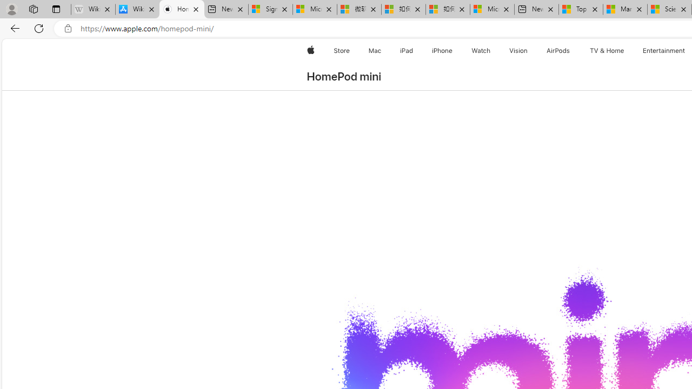 This screenshot has height=389, width=692. I want to click on 'AirPods', so click(558, 50).